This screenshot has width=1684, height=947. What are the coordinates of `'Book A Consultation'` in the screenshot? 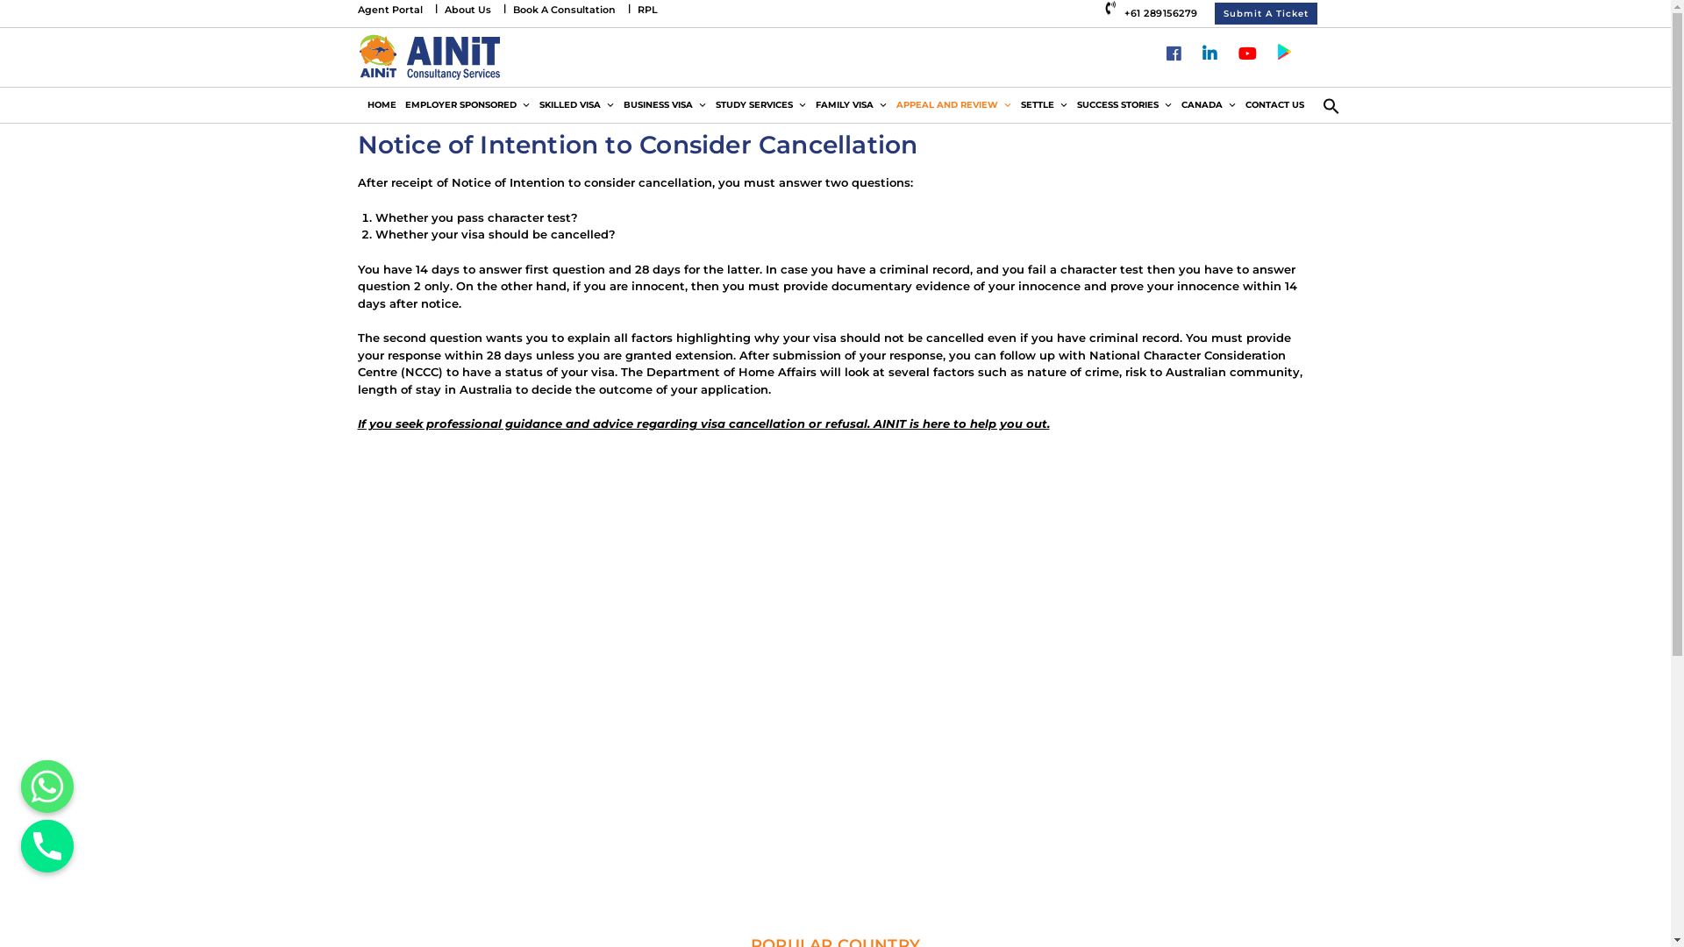 It's located at (563, 10).